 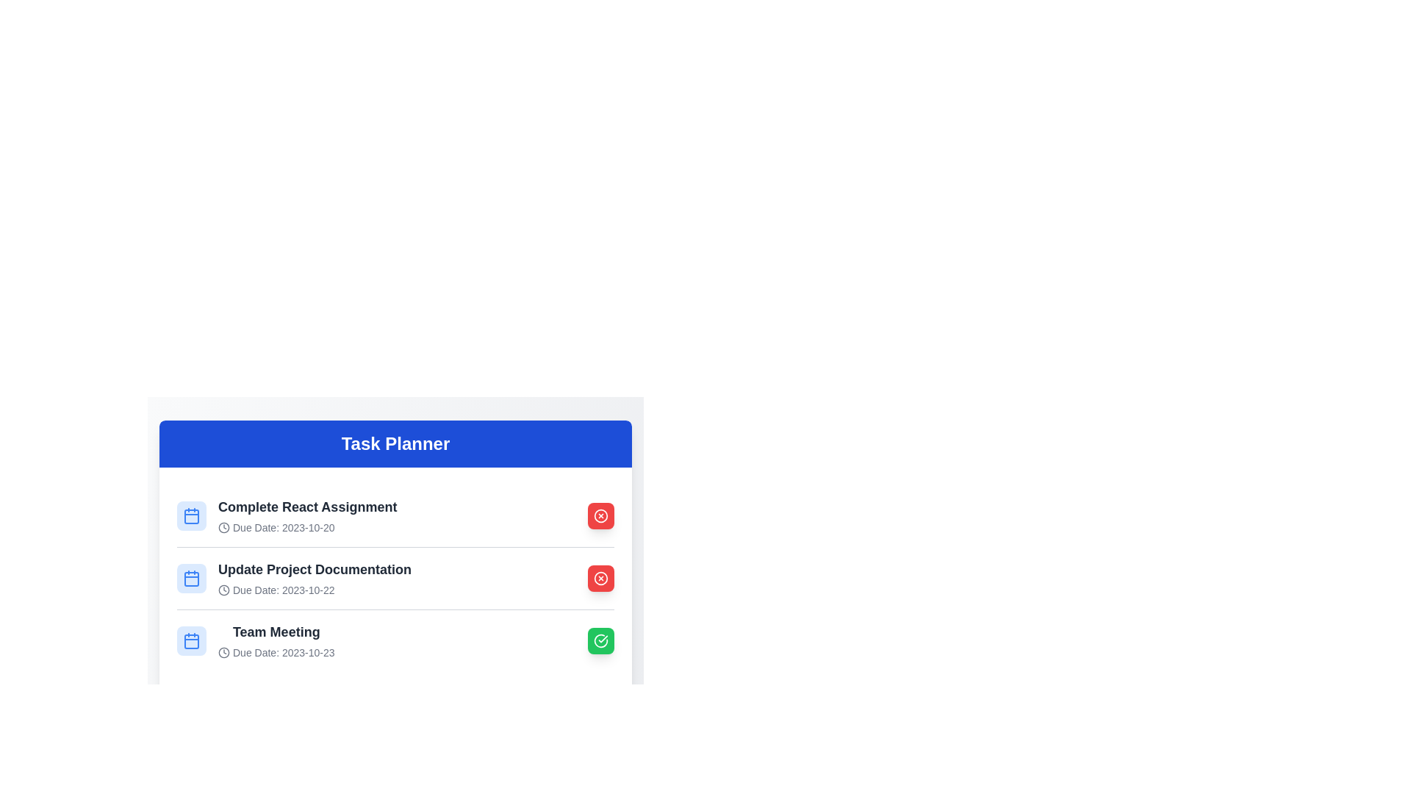 I want to click on displayed information from the second task item in the Task Planner section, which shows the task's title and due date, so click(x=395, y=577).